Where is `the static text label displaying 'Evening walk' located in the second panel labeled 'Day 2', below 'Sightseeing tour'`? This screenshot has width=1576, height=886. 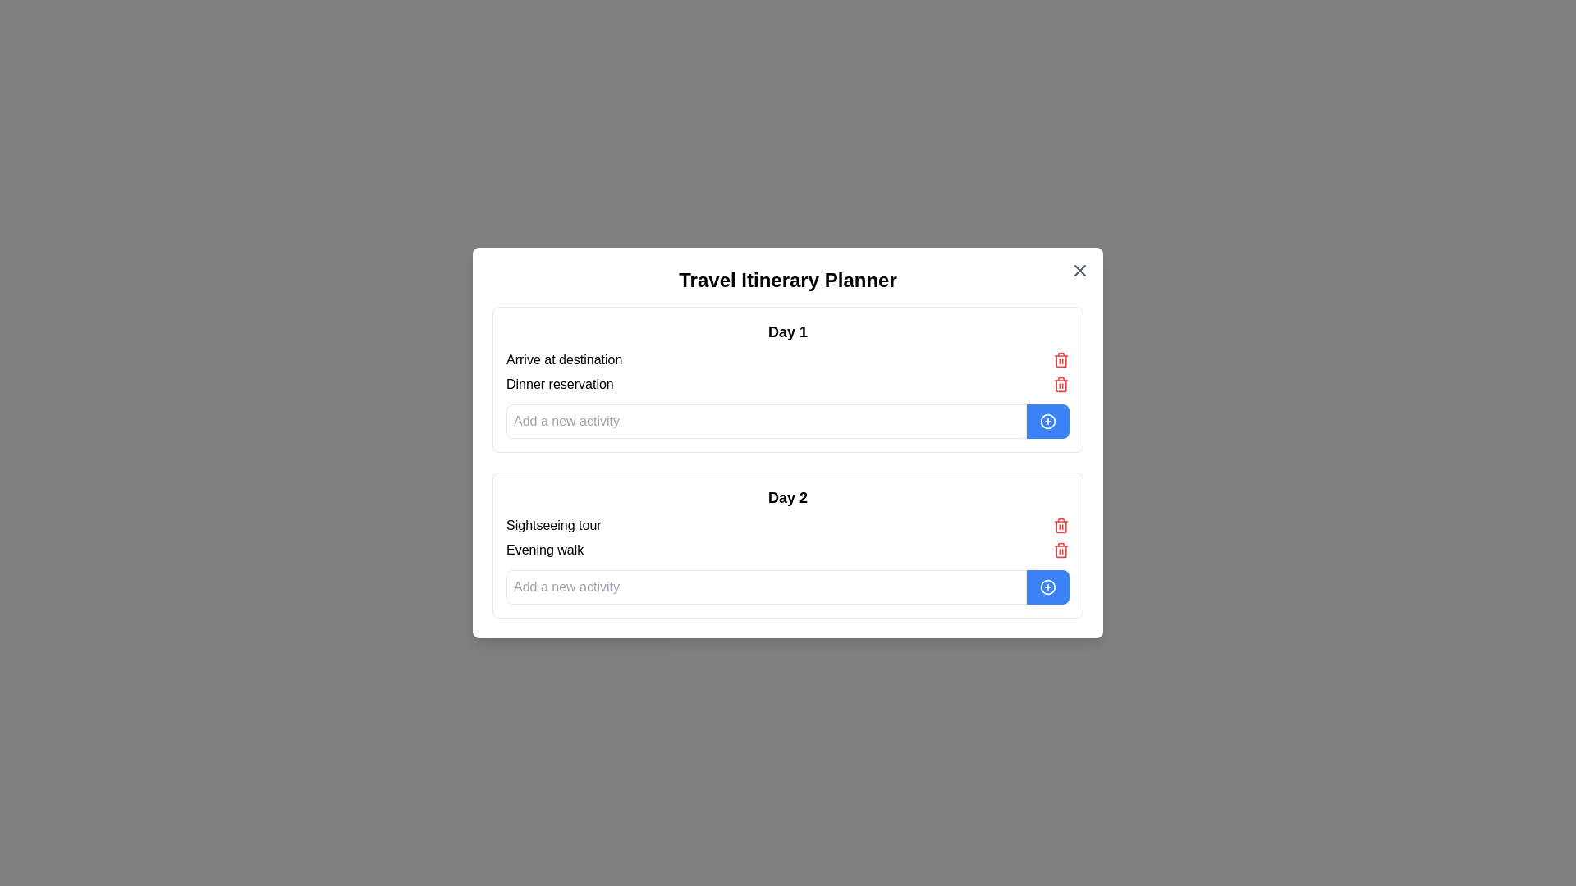 the static text label displaying 'Evening walk' located in the second panel labeled 'Day 2', below 'Sightseeing tour' is located at coordinates (545, 550).